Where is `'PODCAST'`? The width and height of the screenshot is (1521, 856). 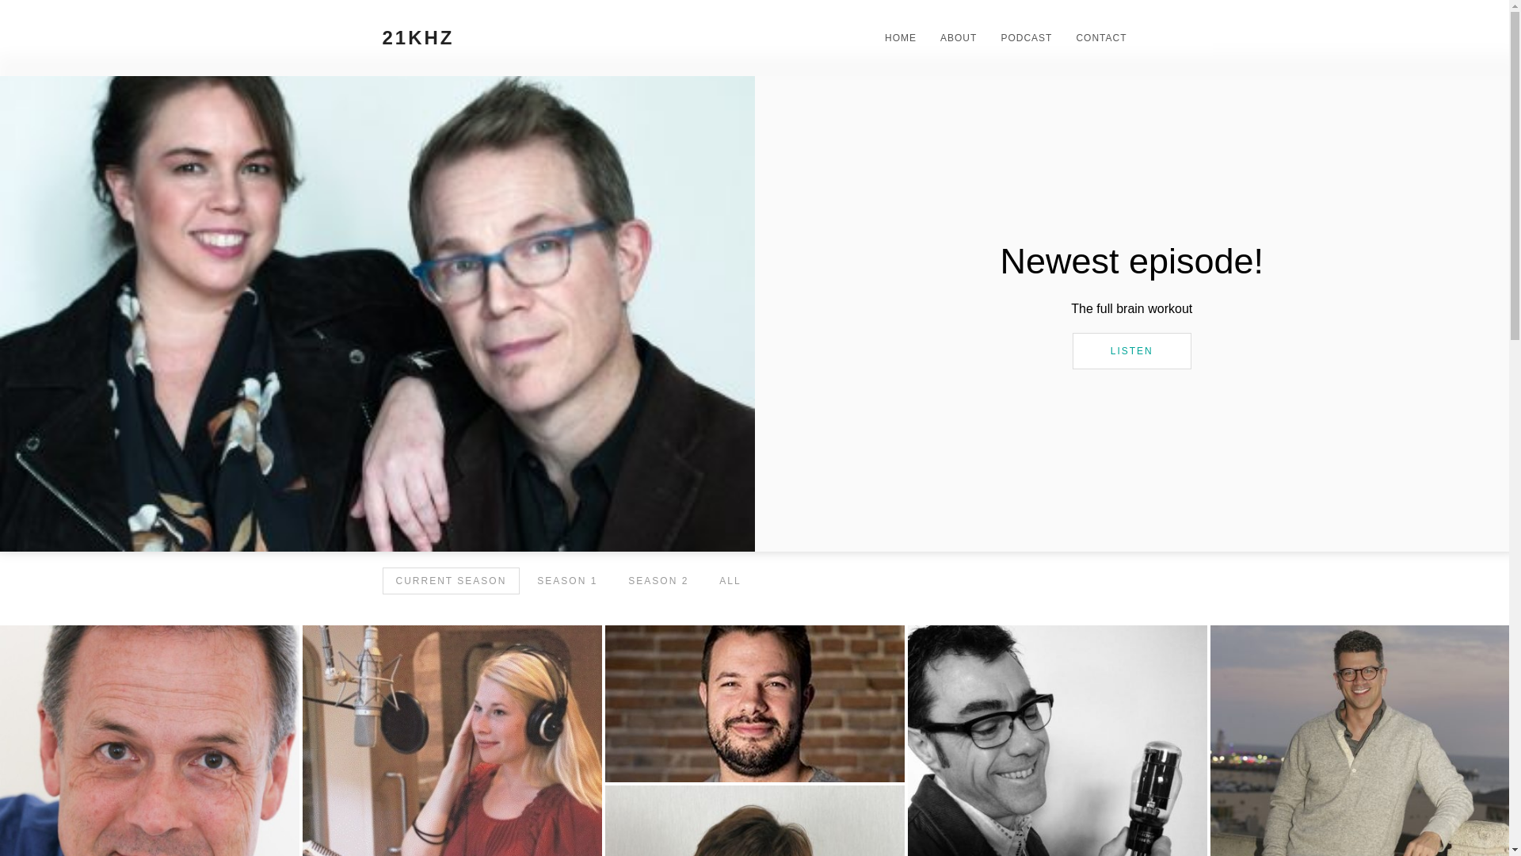 'PODCAST' is located at coordinates (1020, 36).